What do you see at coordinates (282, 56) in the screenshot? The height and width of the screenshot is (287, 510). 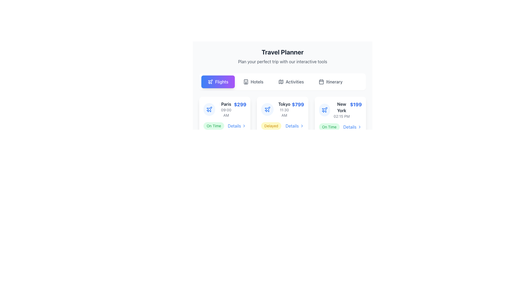 I see `the Text block (Header and Subtitle) at the top of the travel planner interface` at bounding box center [282, 56].